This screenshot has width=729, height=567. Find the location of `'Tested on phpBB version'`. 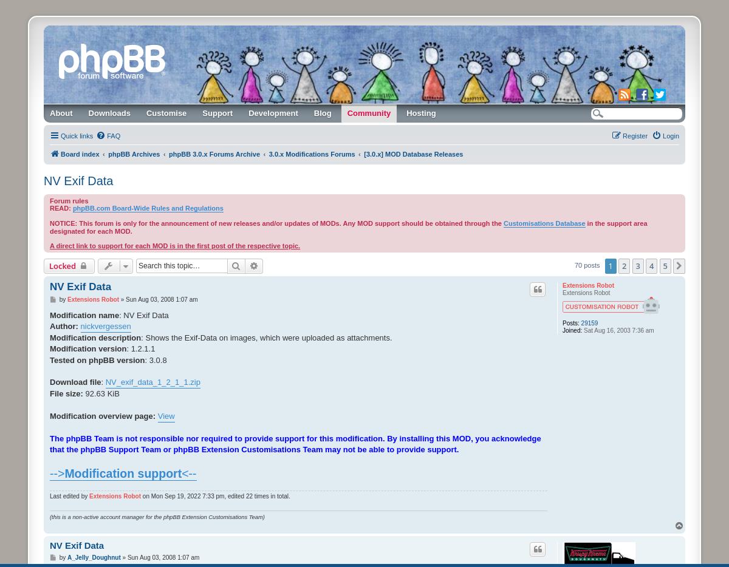

'Tested on phpBB version' is located at coordinates (49, 359).